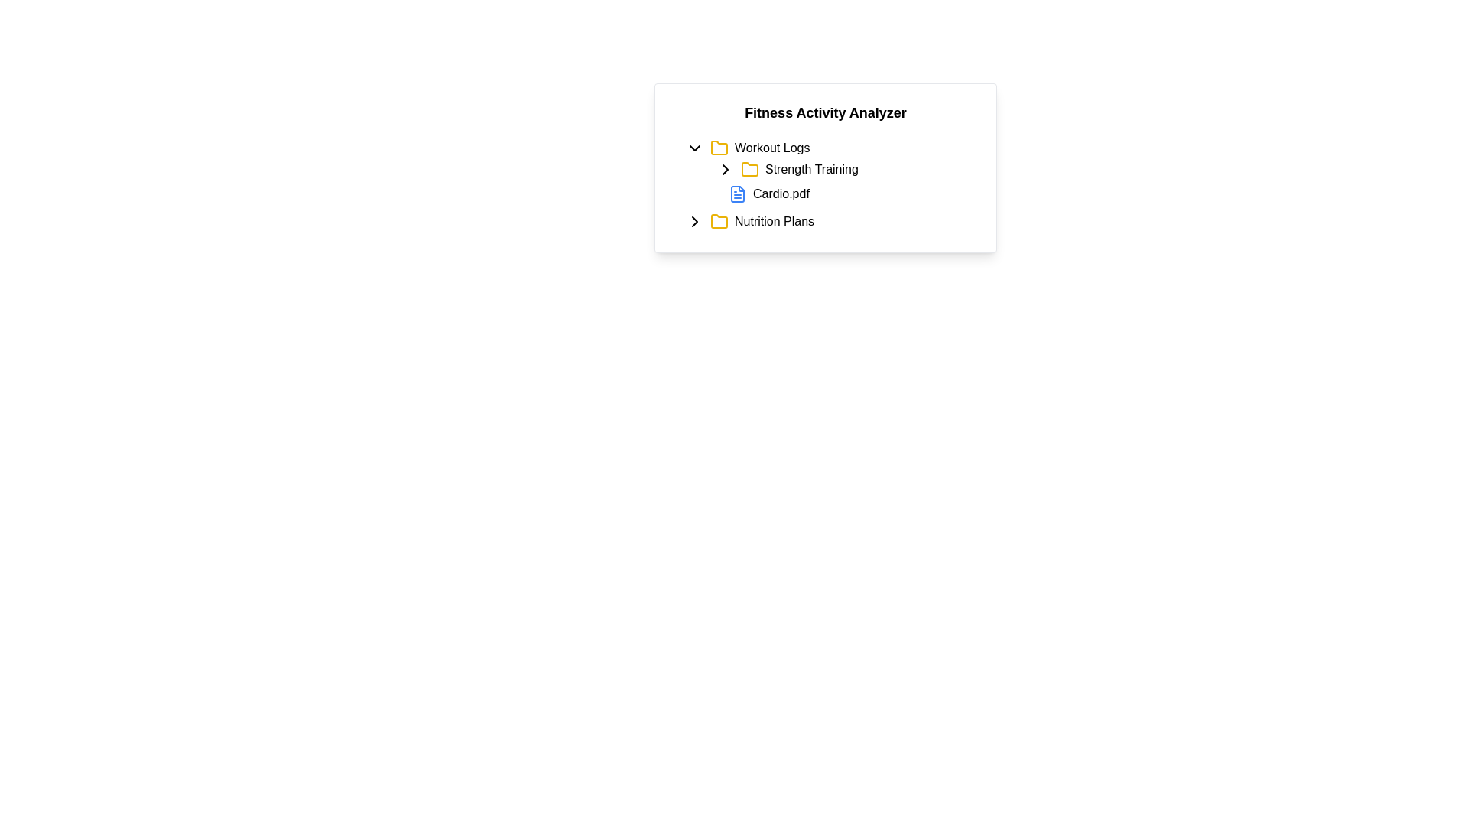 The width and height of the screenshot is (1468, 826). What do you see at coordinates (831, 148) in the screenshot?
I see `the expandable folder in the 'Fitness Activity Analyzer' panel` at bounding box center [831, 148].